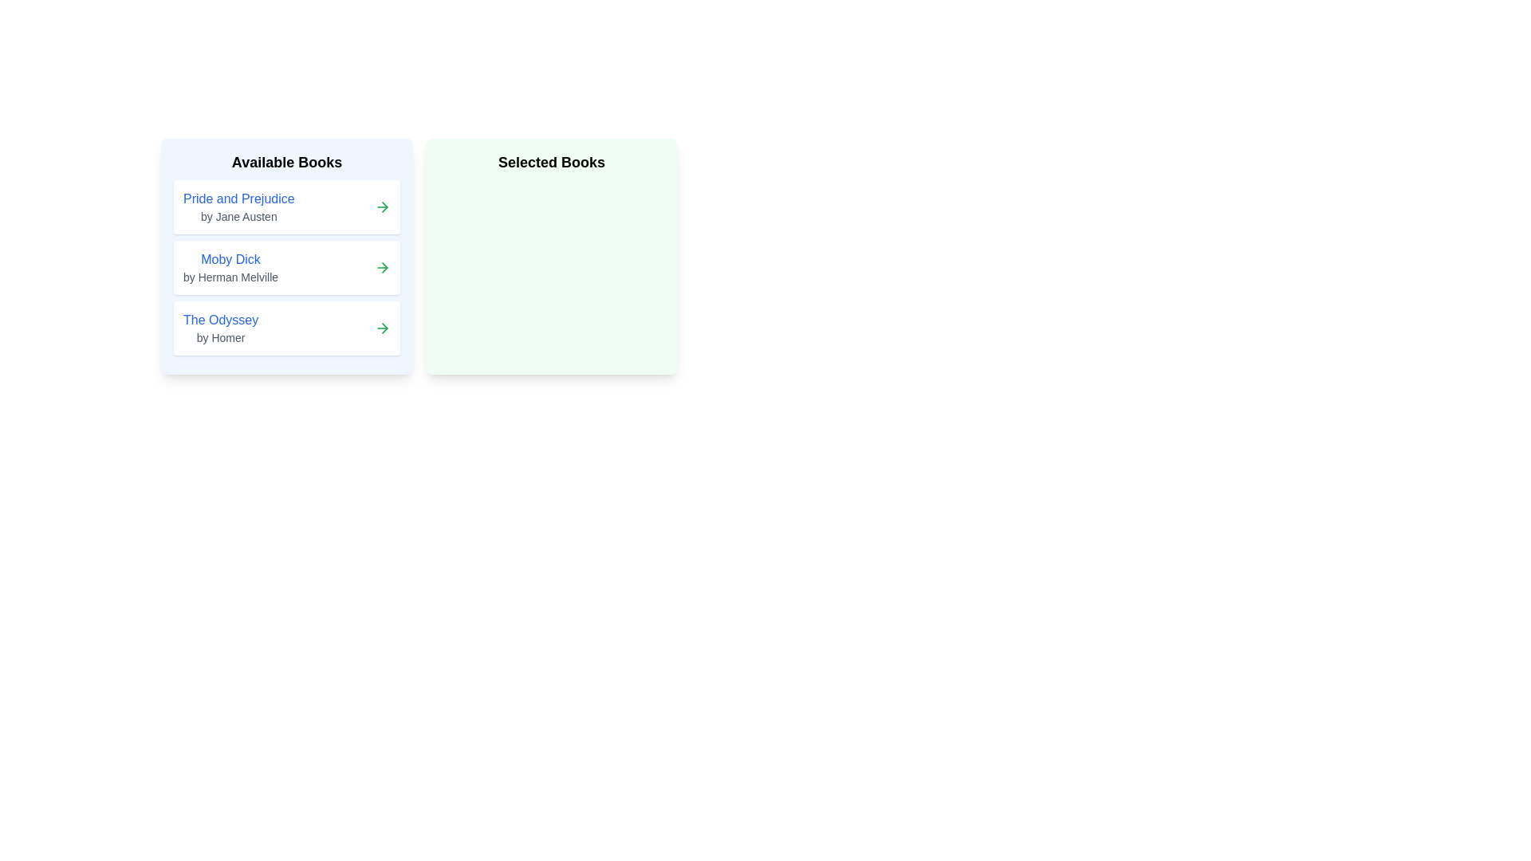 This screenshot has width=1531, height=861. What do you see at coordinates (287, 266) in the screenshot?
I see `the second book item titled 'Moby Dick'` at bounding box center [287, 266].